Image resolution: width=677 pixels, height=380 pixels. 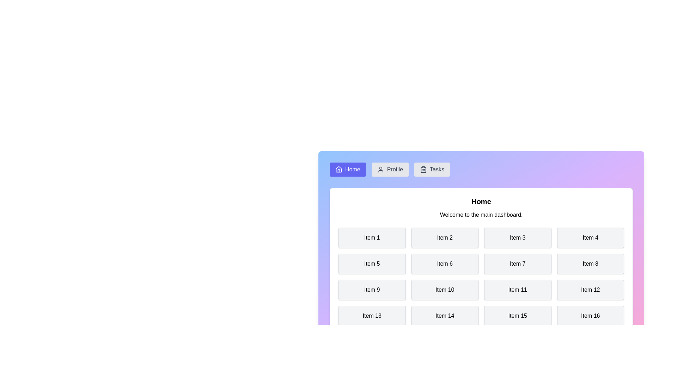 What do you see at coordinates (432, 170) in the screenshot?
I see `the Tasks tab by clicking its navigation button` at bounding box center [432, 170].